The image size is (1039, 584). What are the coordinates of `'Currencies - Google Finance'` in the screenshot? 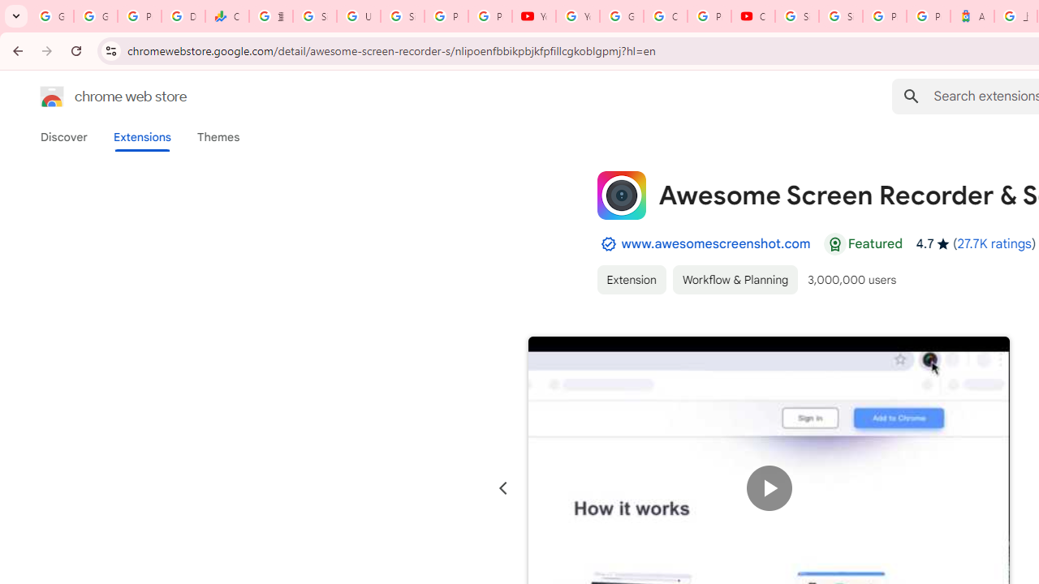 It's located at (226, 16).